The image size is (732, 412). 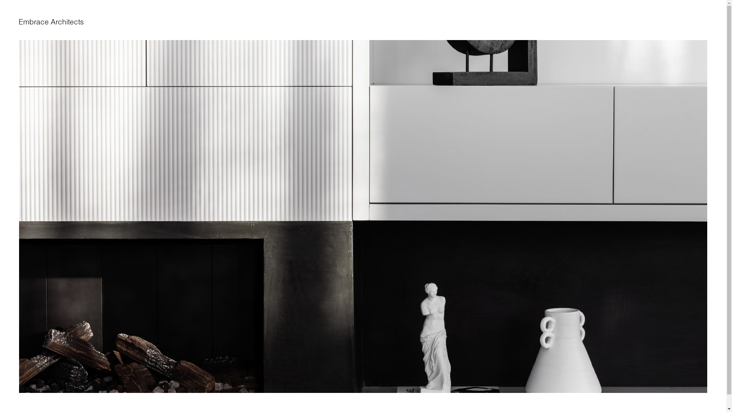 I want to click on 'Embrace Architects', so click(x=51, y=21).